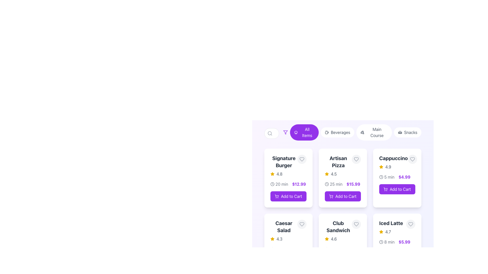  I want to click on the heart icon located at the top-right corner of the 'Cappuccino' product card to mark the item as favorite, so click(412, 159).